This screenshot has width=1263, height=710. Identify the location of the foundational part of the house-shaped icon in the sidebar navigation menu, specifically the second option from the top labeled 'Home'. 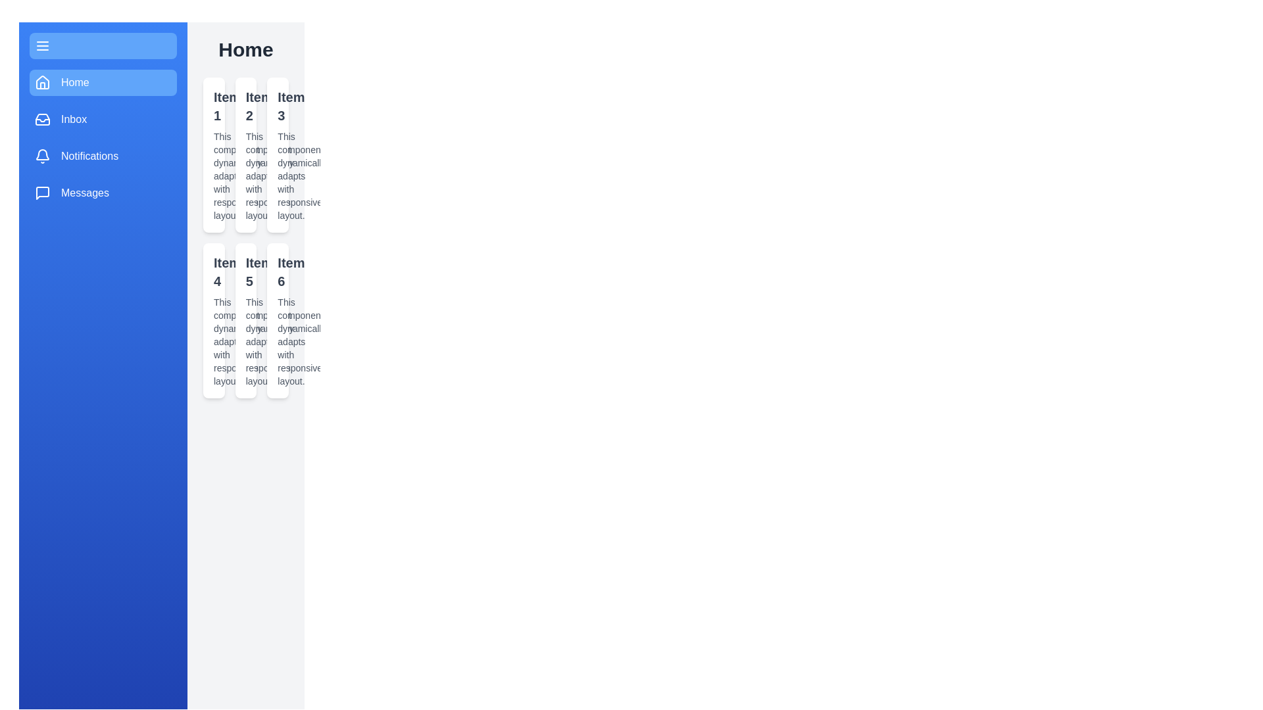
(43, 85).